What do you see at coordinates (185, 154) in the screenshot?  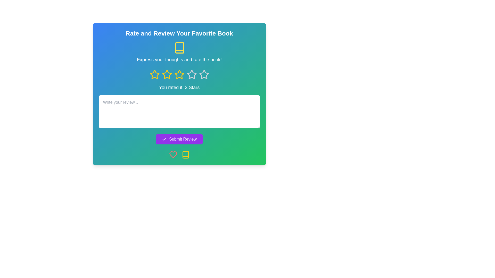 I see `the yellow book icon located in the bottom right corner of the green gradient interface, specifically inside the lower portion of the book icon` at bounding box center [185, 154].